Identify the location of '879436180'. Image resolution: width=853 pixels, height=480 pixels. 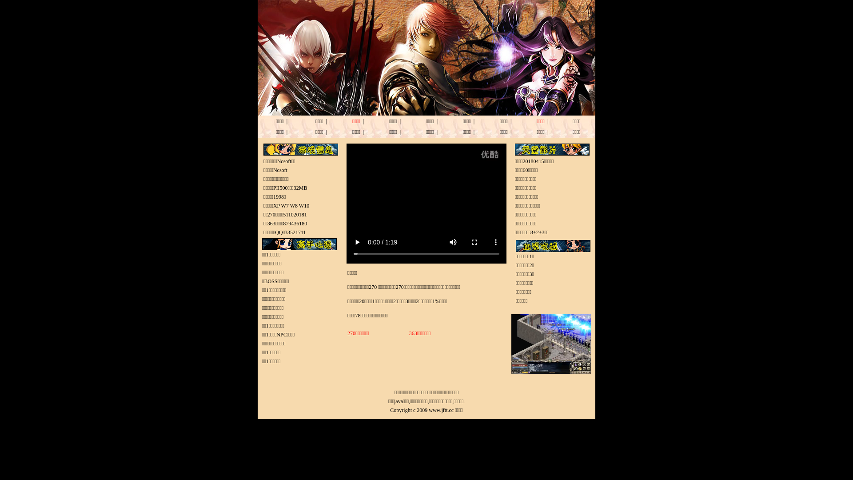
(295, 223).